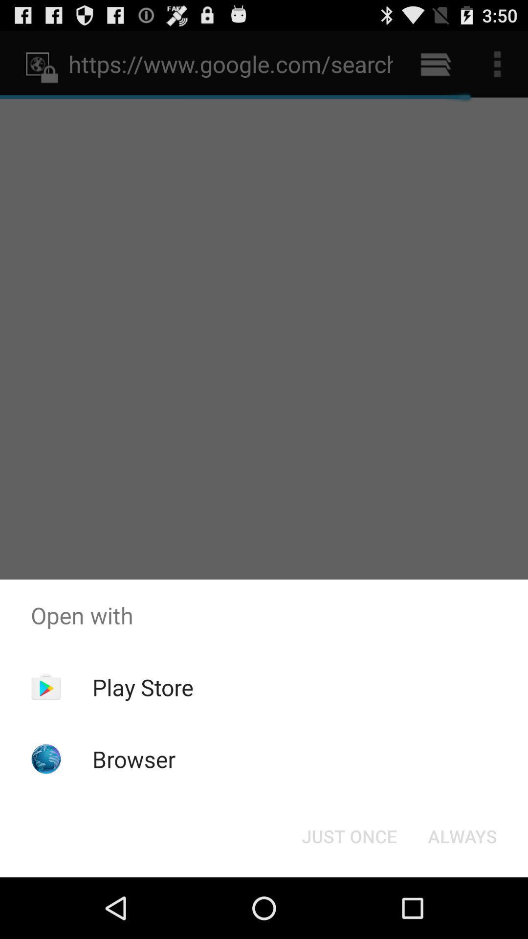  What do you see at coordinates (462, 835) in the screenshot?
I see `the icon to the right of just once` at bounding box center [462, 835].